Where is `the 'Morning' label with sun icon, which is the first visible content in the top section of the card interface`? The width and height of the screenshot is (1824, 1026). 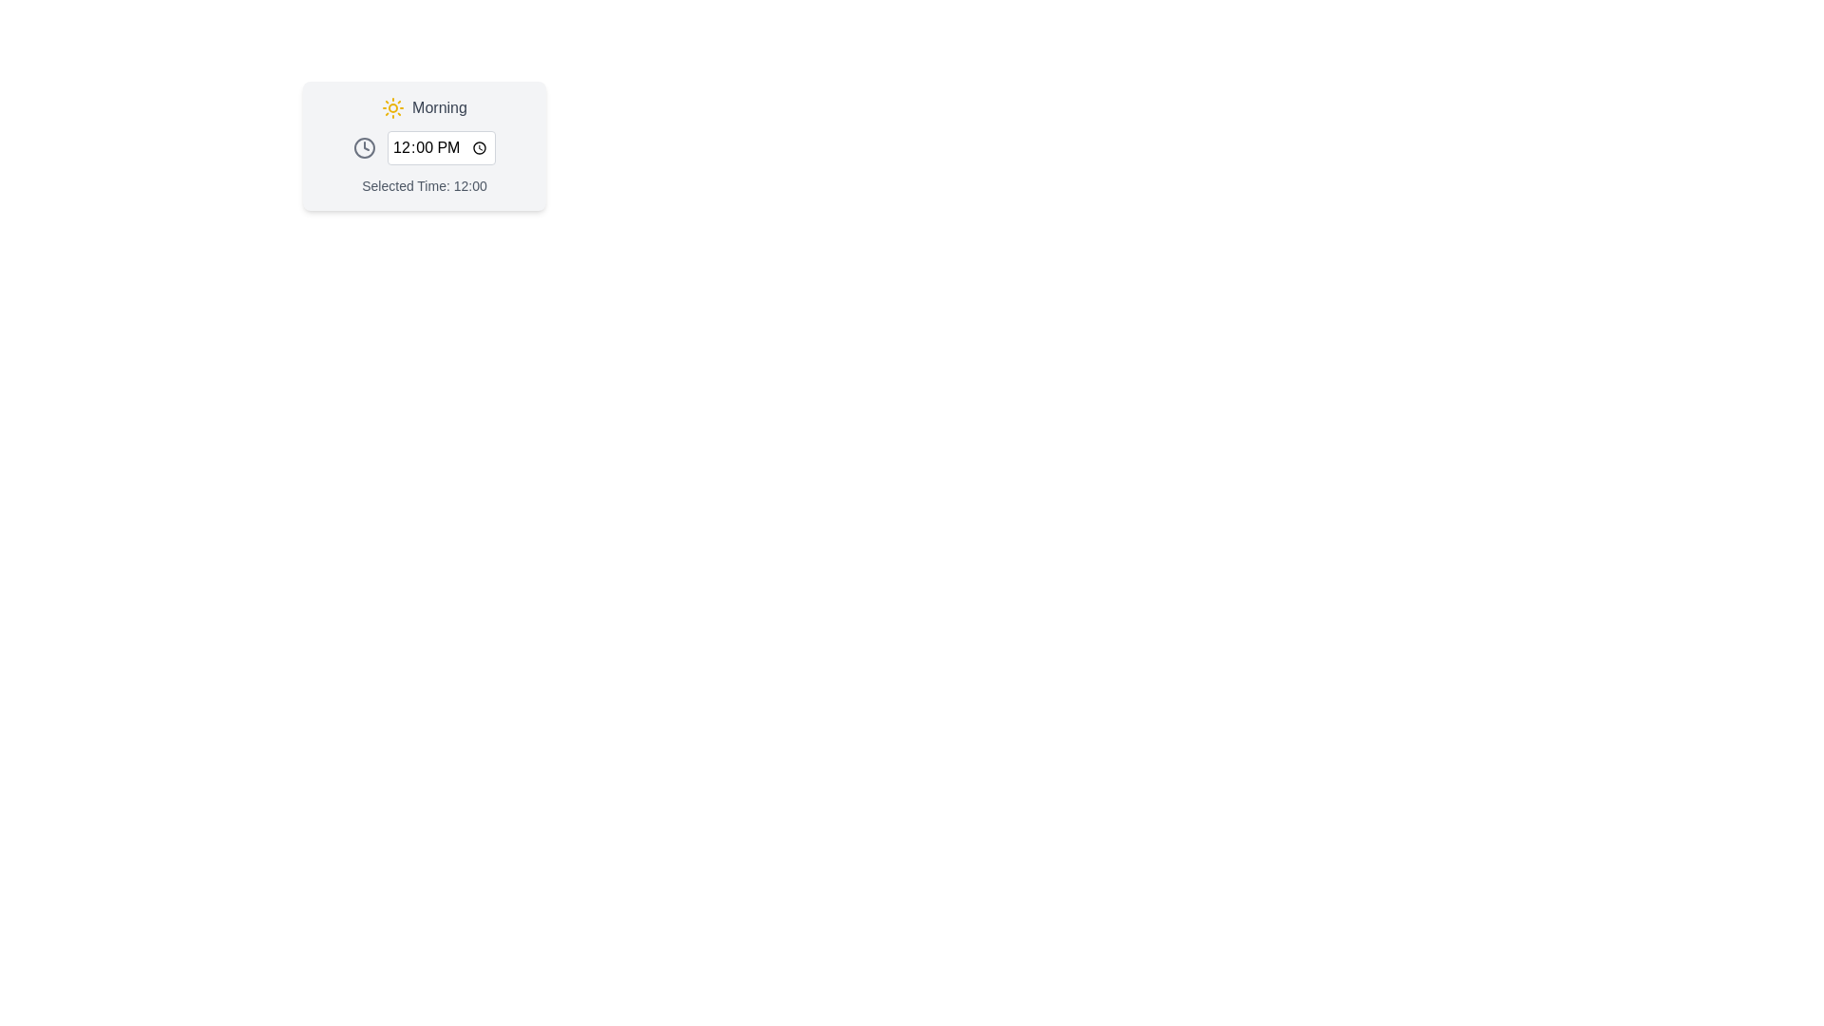
the 'Morning' label with sun icon, which is the first visible content in the top section of the card interface is located at coordinates (423, 108).